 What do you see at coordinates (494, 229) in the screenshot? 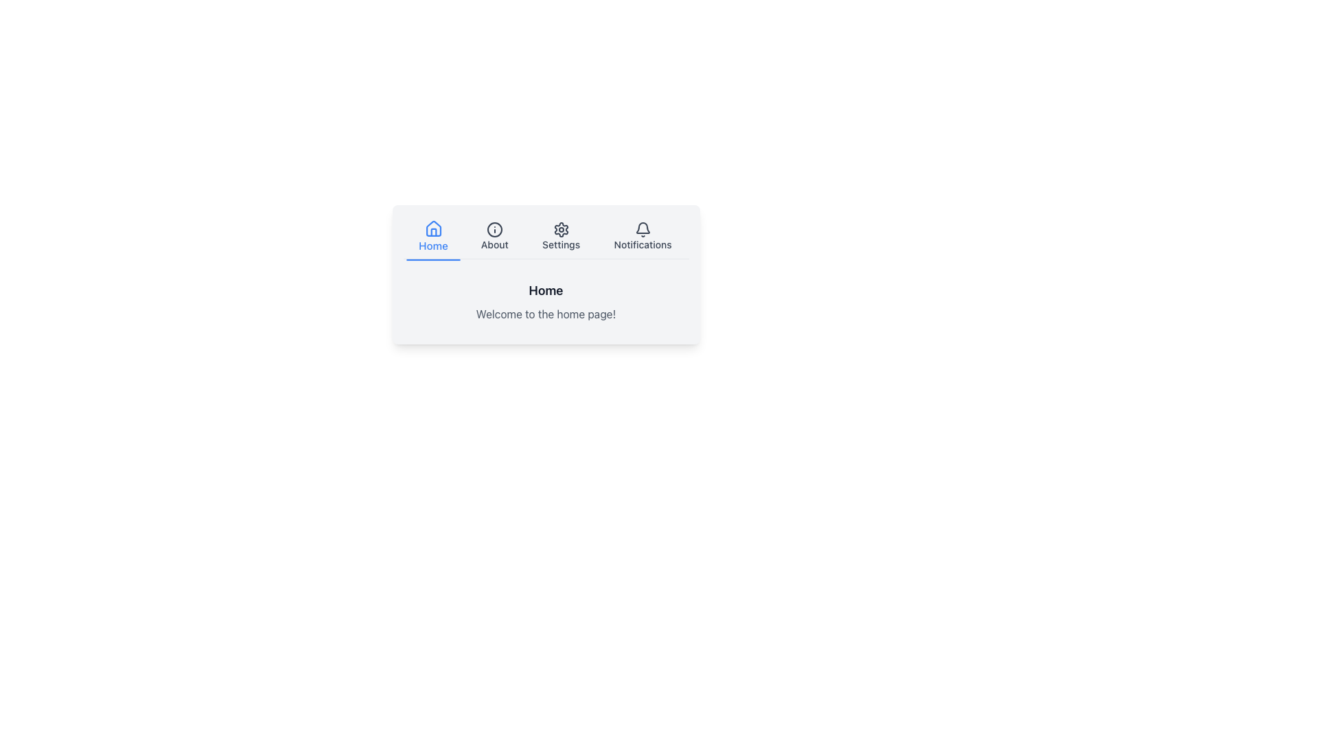
I see `the circular 'info' icon with an exclamation mark located above the 'About' text in the navigation bar` at bounding box center [494, 229].